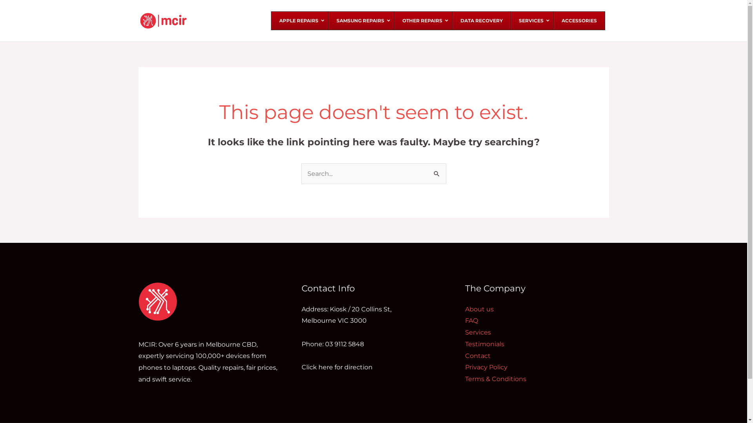 This screenshot has width=753, height=423. I want to click on 'APPLE REPAIRS', so click(299, 20).